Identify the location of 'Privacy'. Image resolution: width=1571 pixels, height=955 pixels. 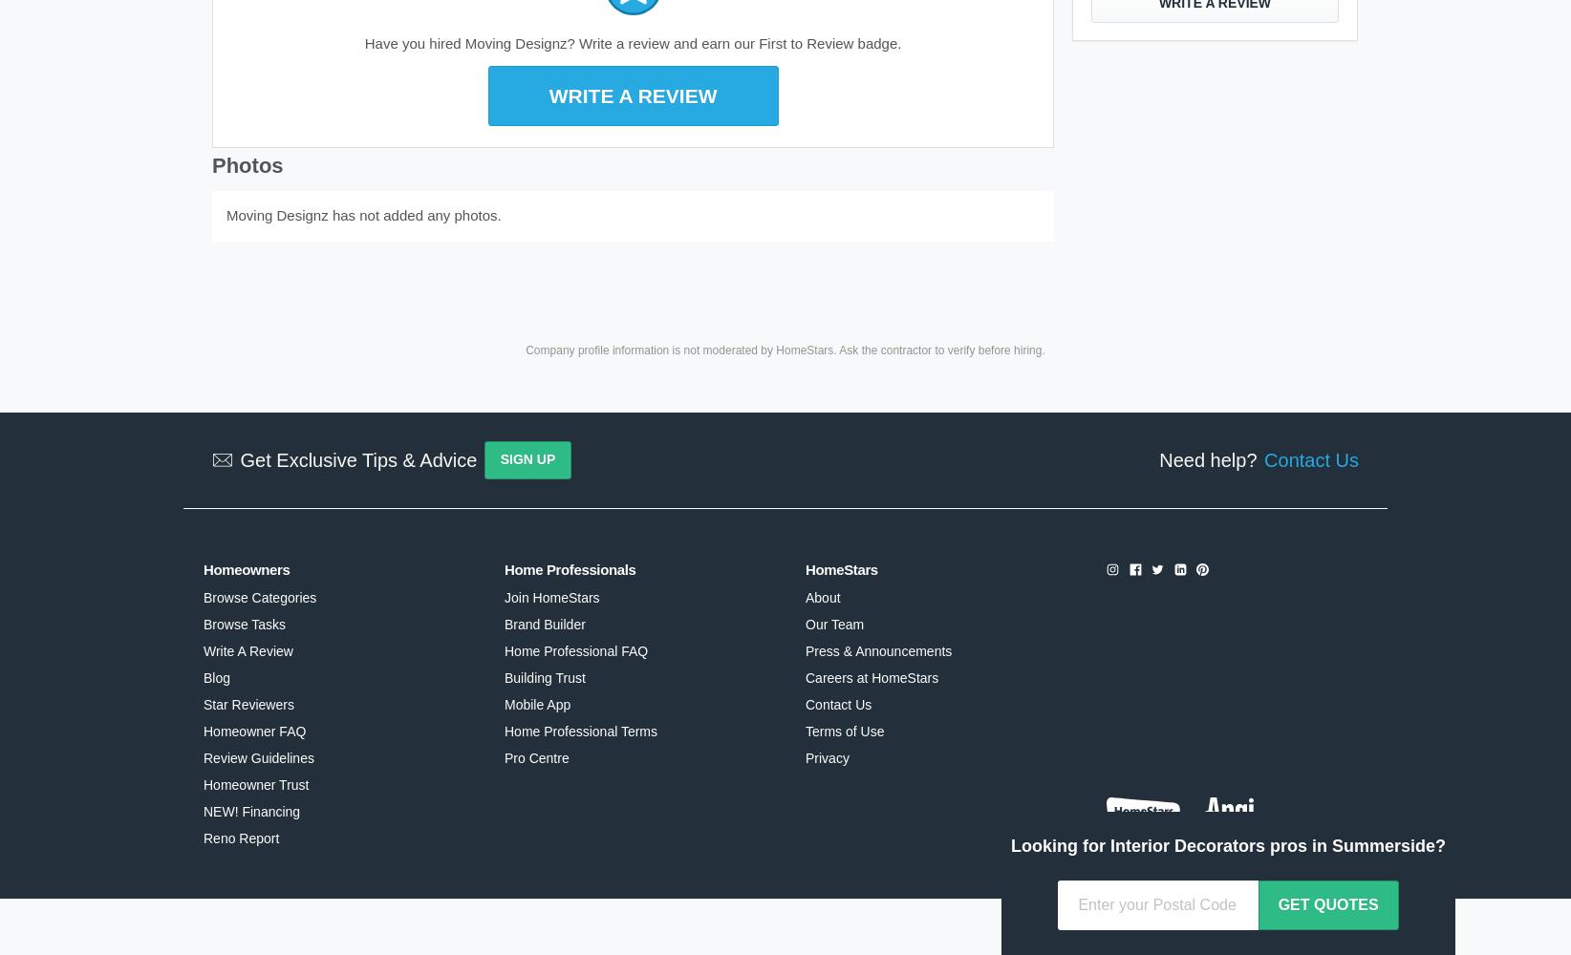
(806, 757).